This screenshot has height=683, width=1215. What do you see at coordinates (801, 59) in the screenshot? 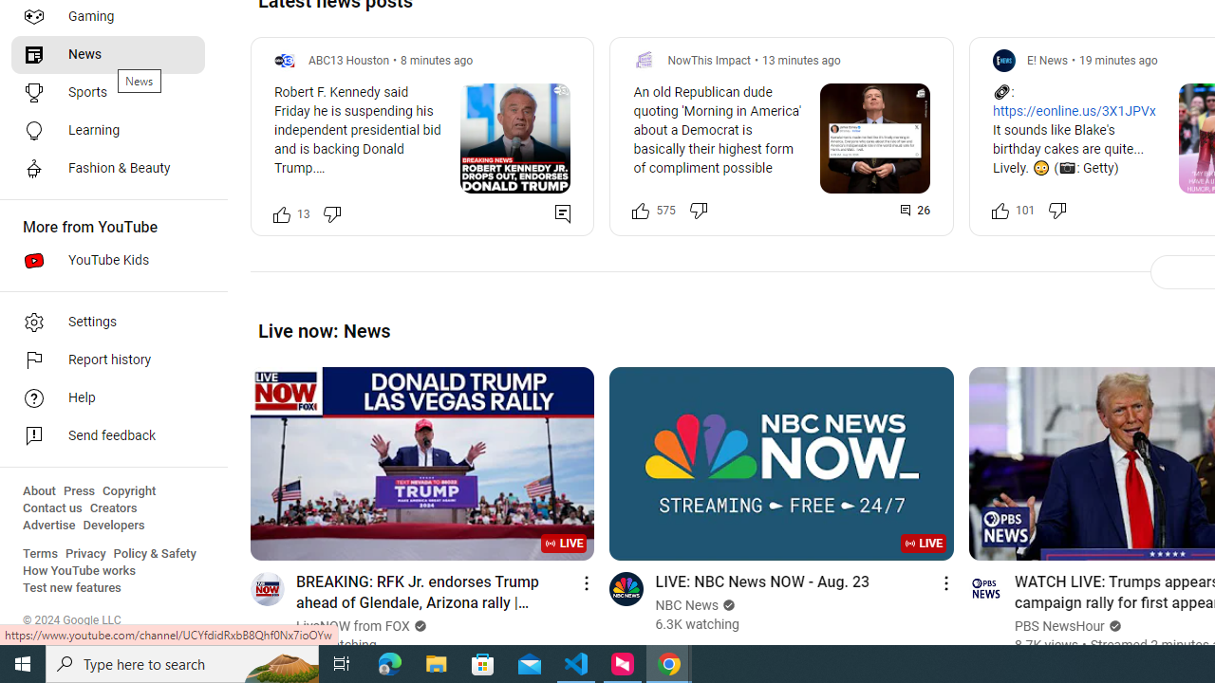
I see `'13 minutes ago'` at bounding box center [801, 59].